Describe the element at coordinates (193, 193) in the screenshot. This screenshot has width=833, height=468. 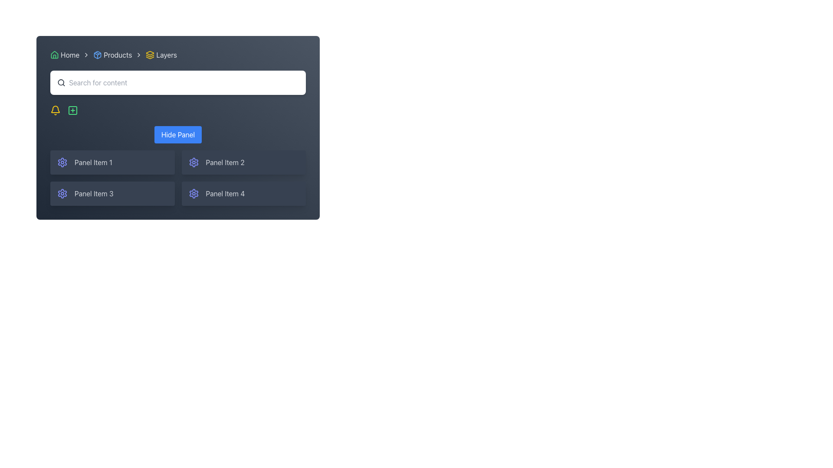
I see `the gear icon located in the top-left corner of 'Panel Item 4'` at that location.